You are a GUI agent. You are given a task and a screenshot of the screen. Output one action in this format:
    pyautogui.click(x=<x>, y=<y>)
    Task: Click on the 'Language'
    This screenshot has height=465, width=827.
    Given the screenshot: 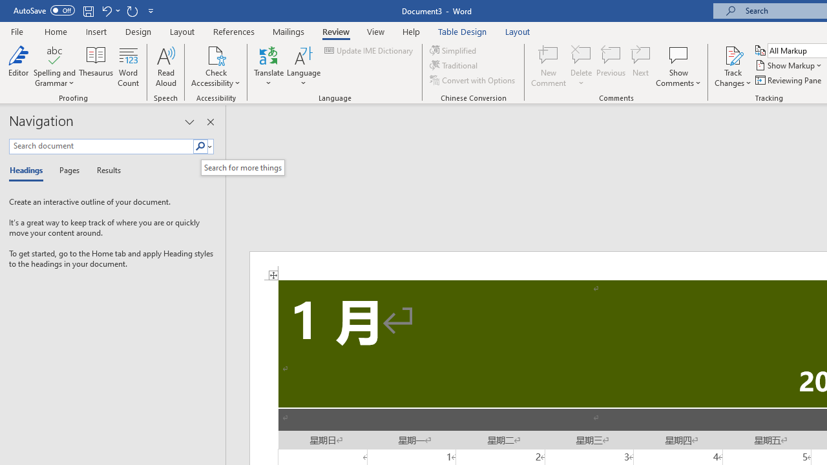 What is the action you would take?
    pyautogui.click(x=303, y=67)
    